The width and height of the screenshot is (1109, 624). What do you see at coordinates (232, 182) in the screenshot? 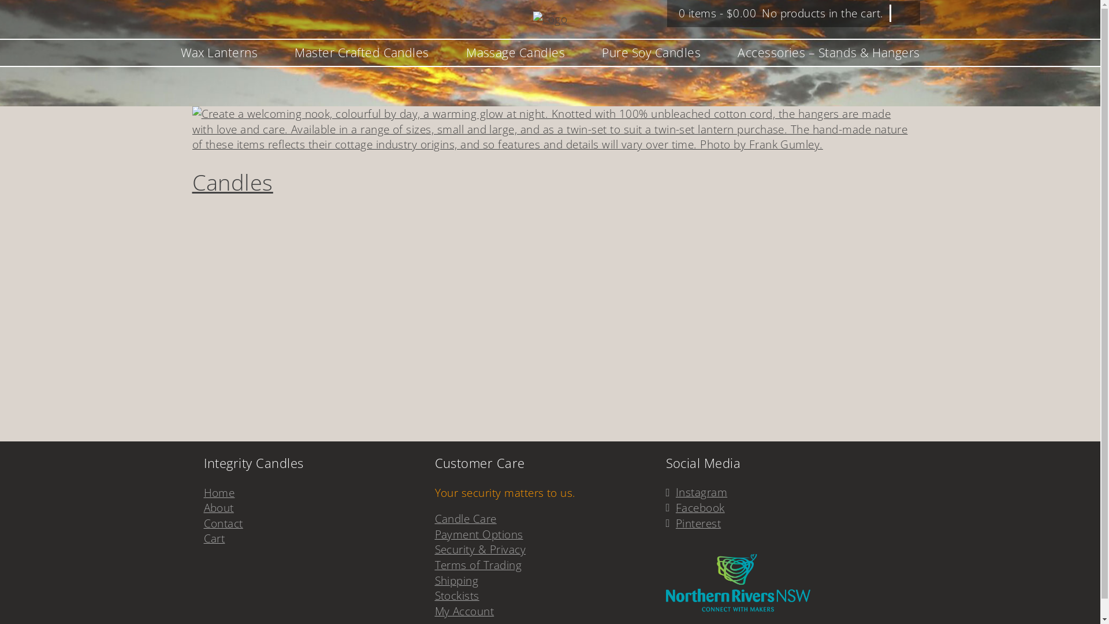
I see `'Candles'` at bounding box center [232, 182].